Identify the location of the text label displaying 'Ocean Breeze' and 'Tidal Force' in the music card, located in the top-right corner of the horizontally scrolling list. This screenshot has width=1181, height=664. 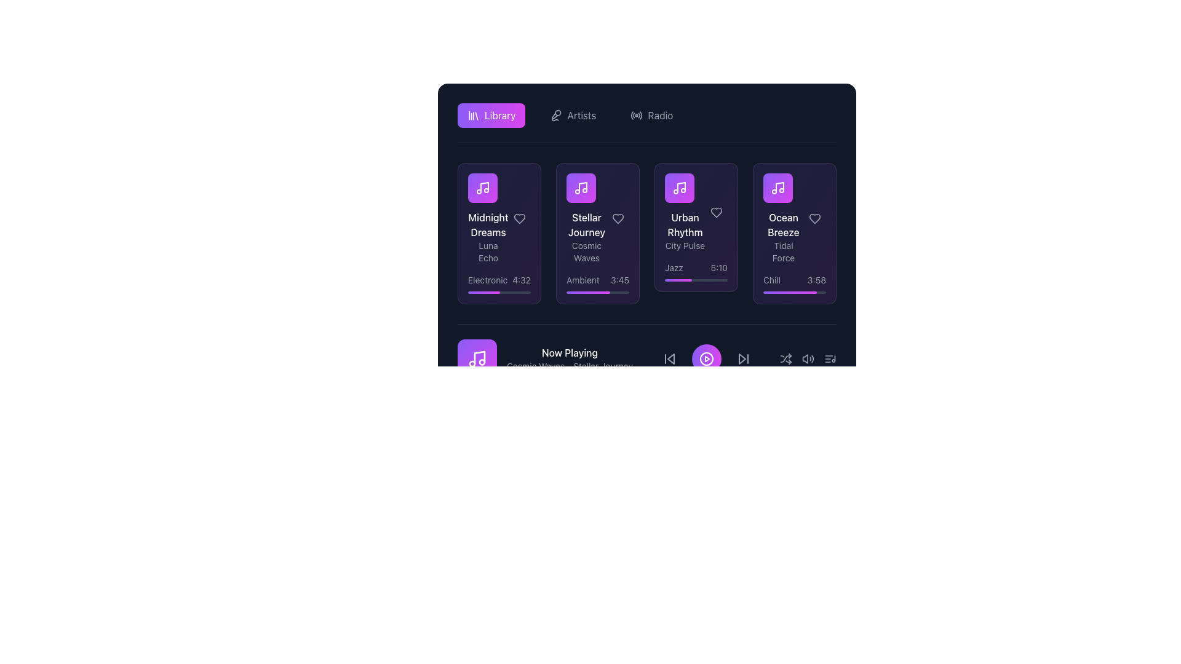
(794, 218).